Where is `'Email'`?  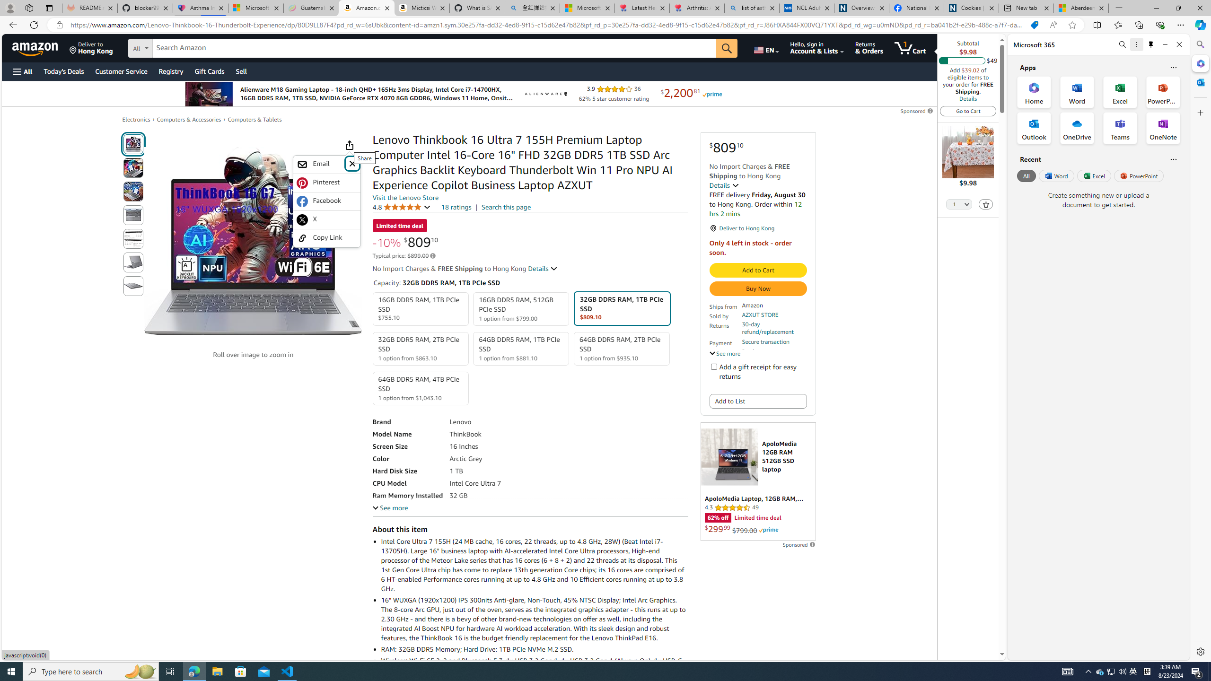 'Email' is located at coordinates (320, 164).